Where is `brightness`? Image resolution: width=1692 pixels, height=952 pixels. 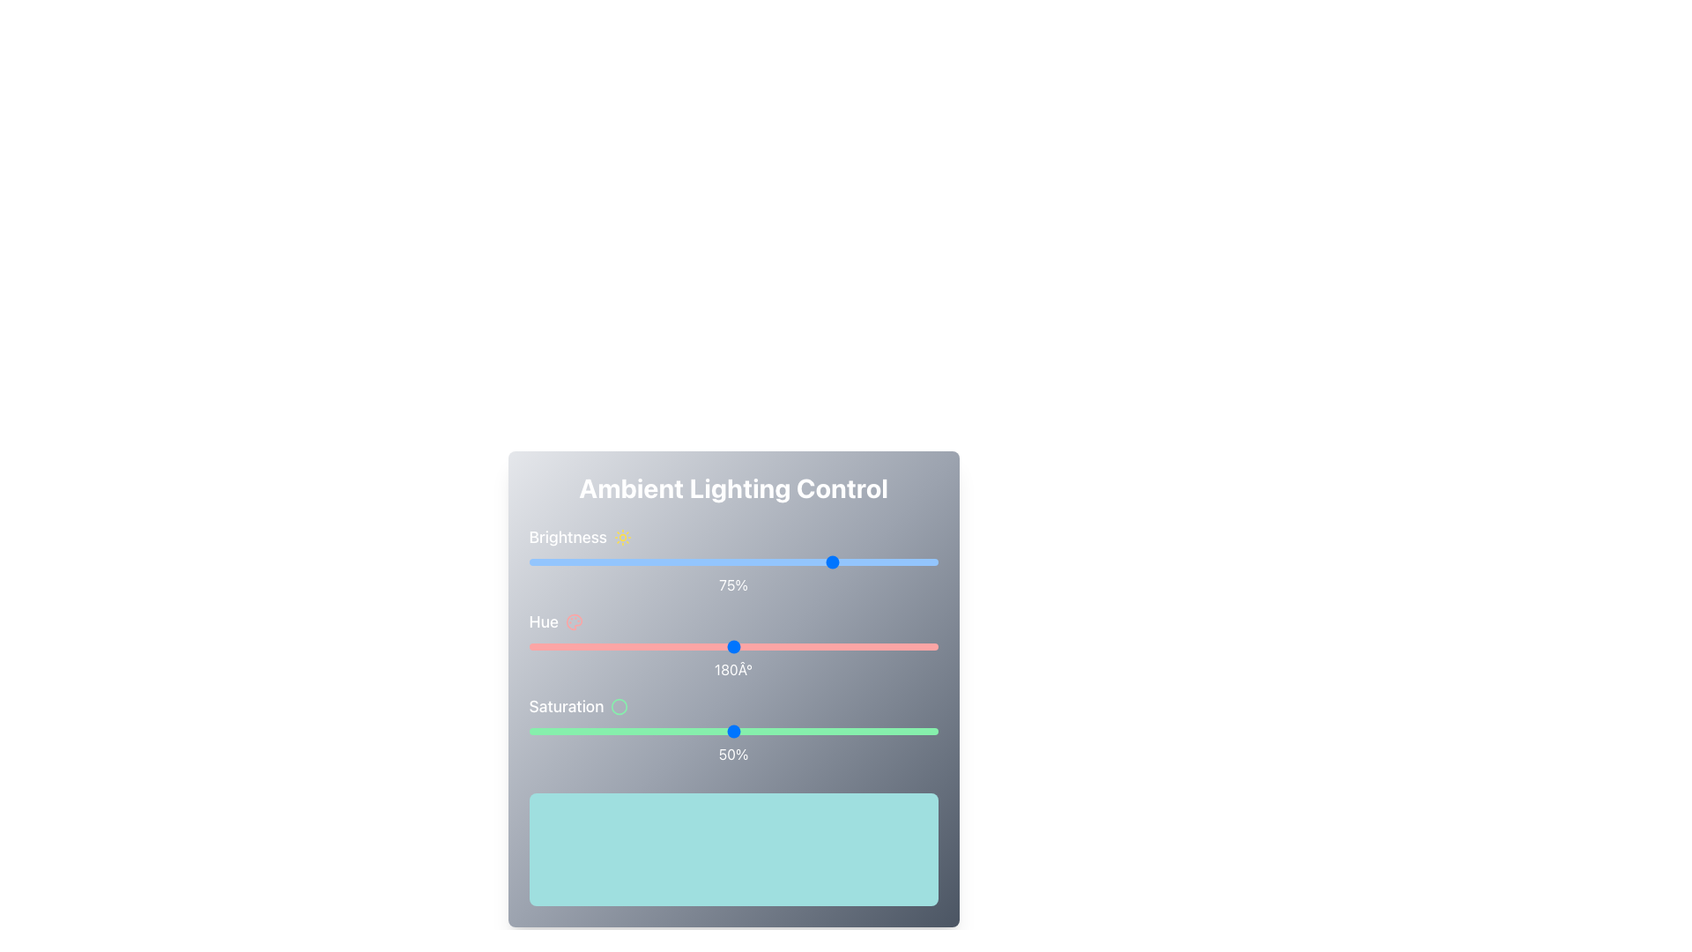 brightness is located at coordinates (721, 562).